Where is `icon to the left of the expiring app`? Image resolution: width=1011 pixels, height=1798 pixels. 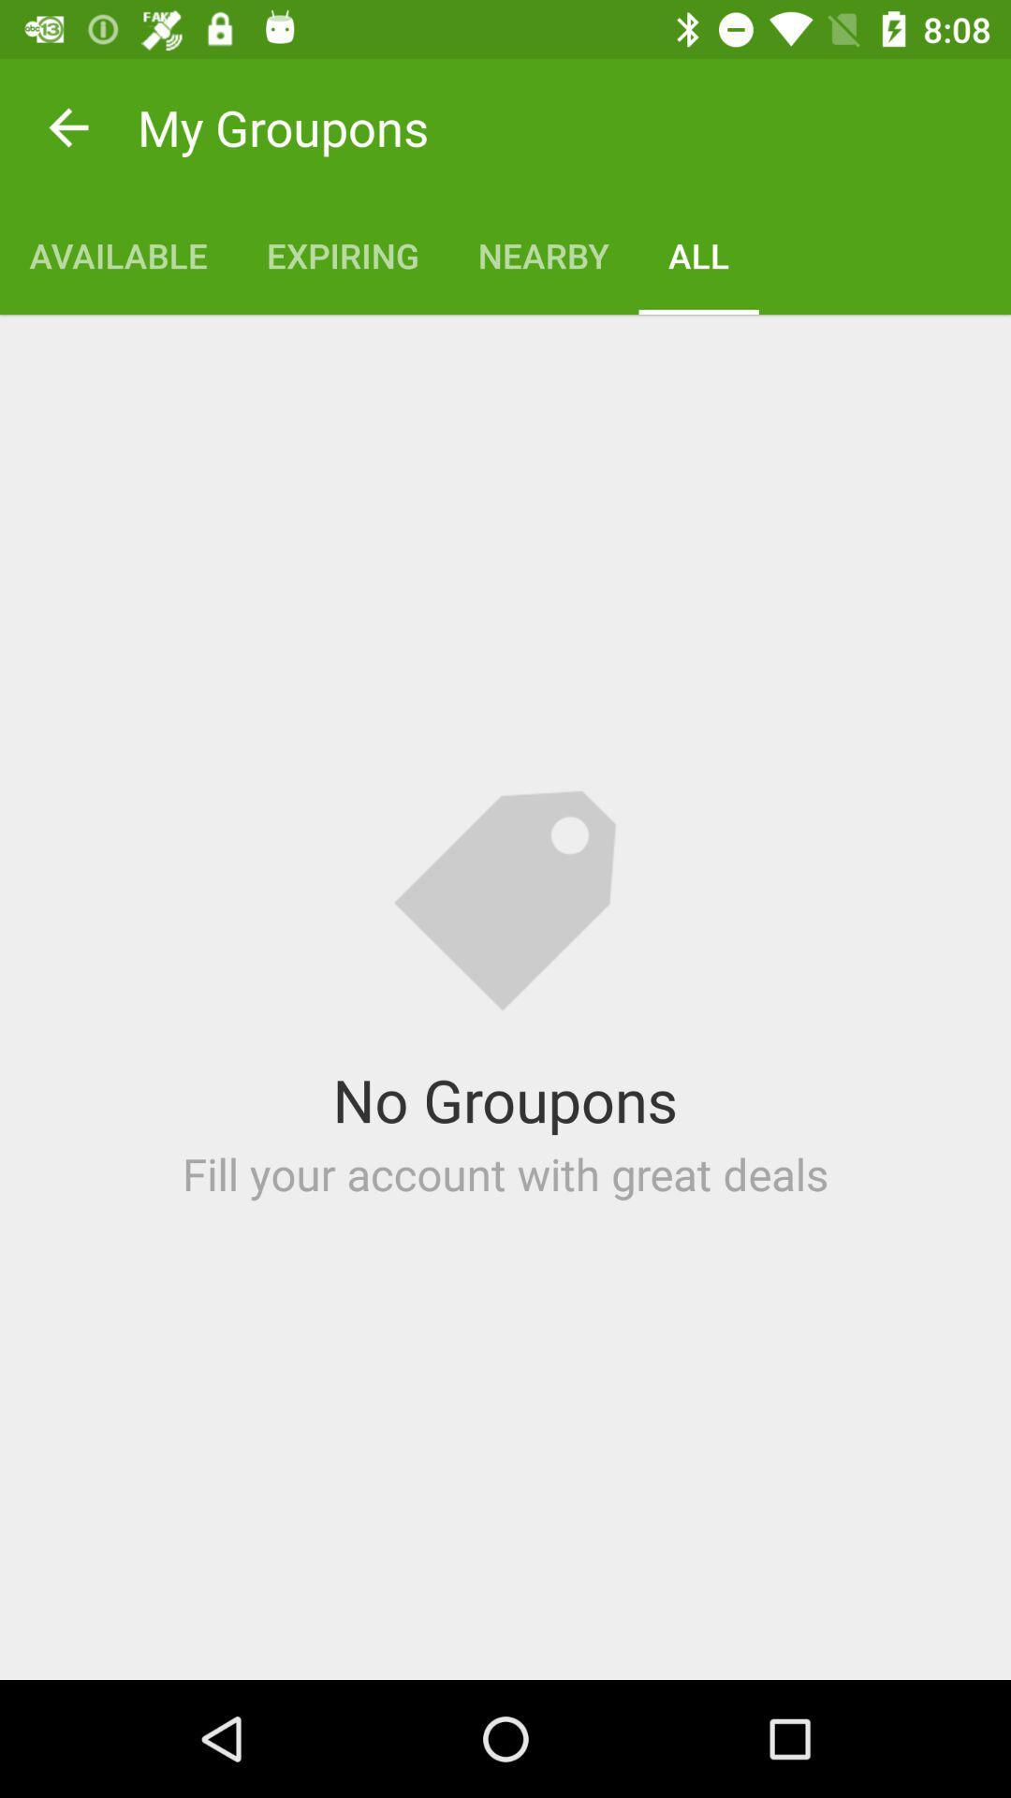 icon to the left of the expiring app is located at coordinates (118, 255).